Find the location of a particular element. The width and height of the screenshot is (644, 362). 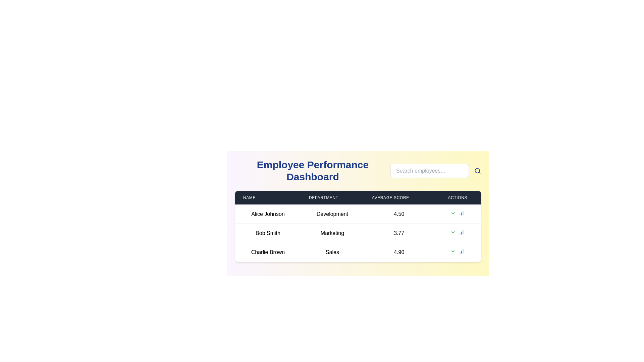

the action control group icon for the 'Charlie Brown' entry in the table is located at coordinates (457, 251).